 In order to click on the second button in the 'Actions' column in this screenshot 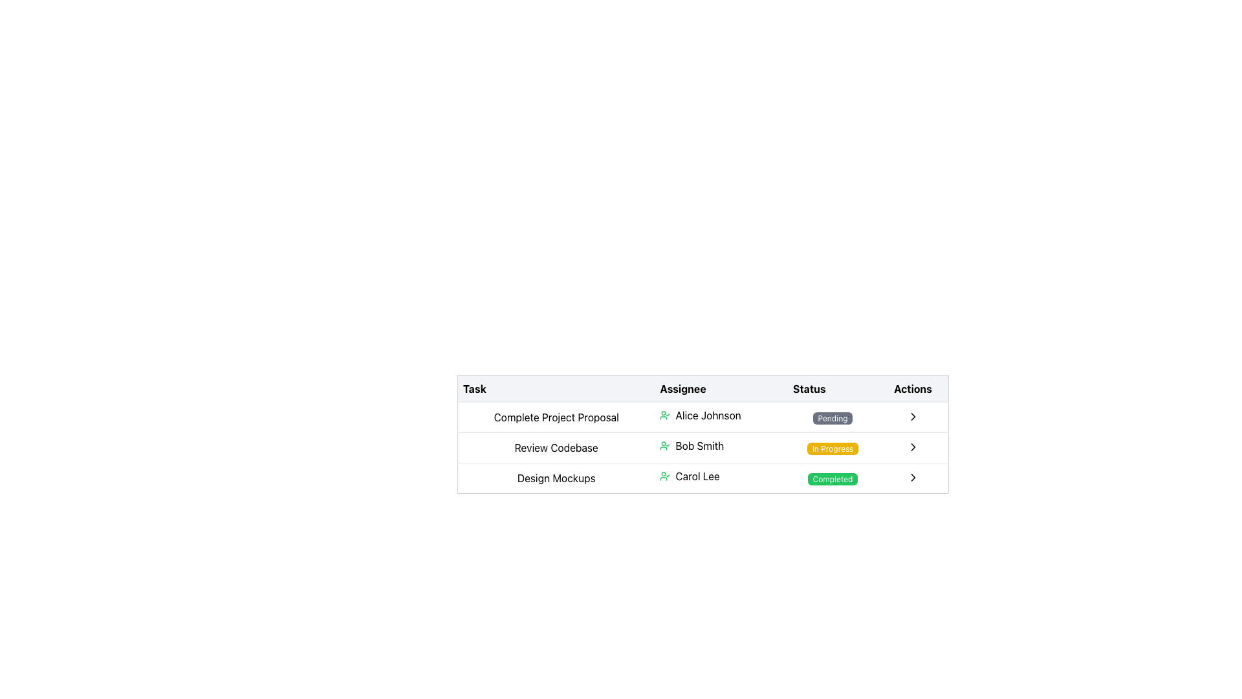, I will do `click(912, 446)`.